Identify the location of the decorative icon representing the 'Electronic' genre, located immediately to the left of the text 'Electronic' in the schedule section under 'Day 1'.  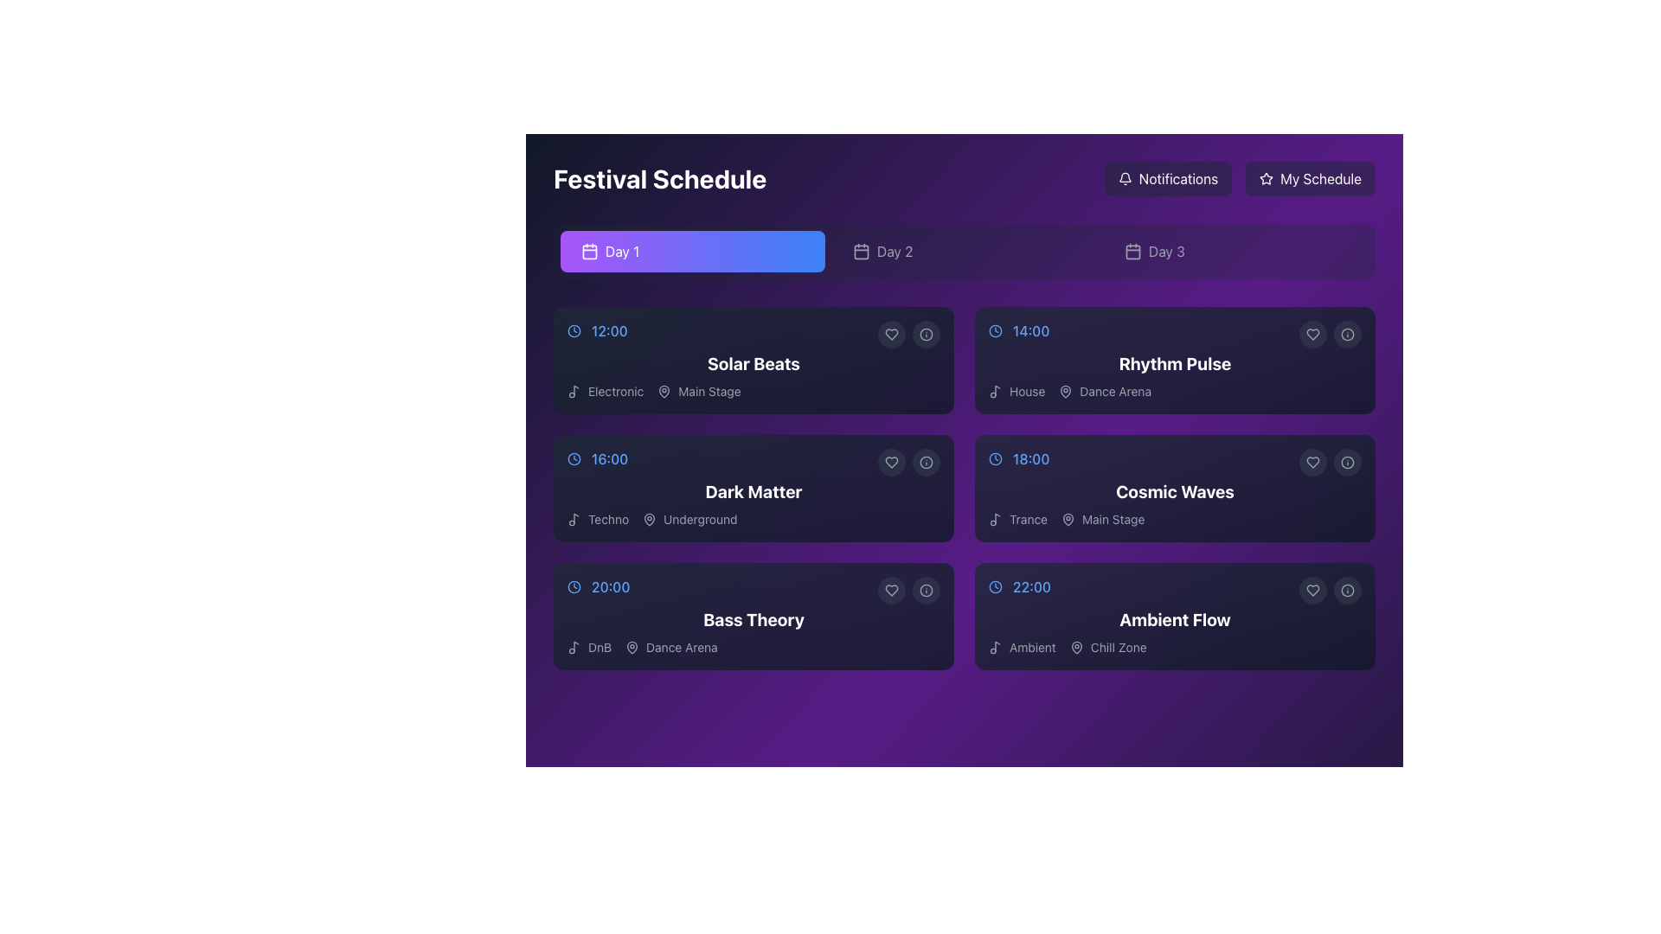
(574, 391).